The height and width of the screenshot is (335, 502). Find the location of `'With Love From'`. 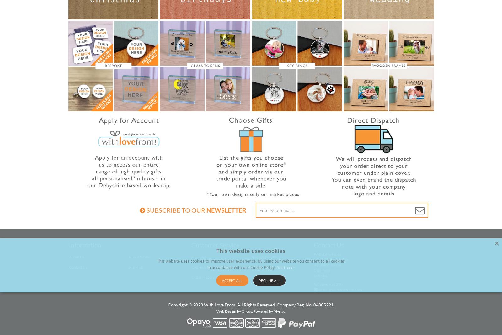

'With Love From' is located at coordinates (327, 254).